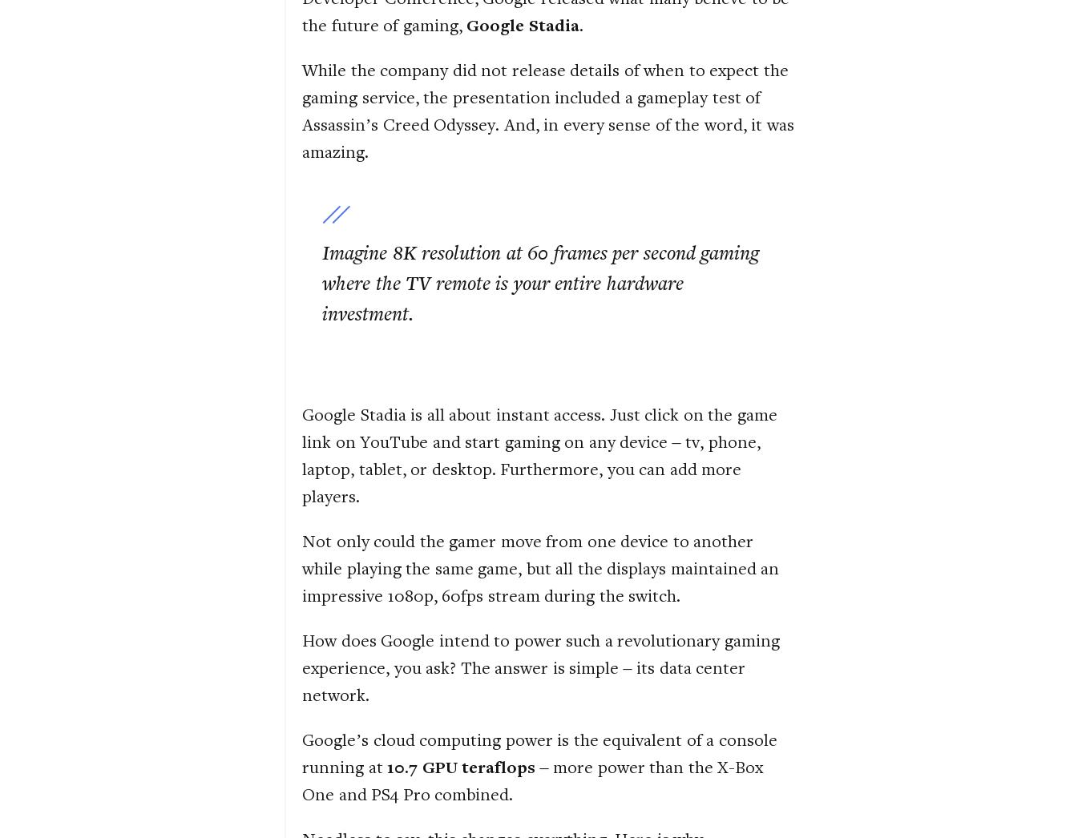 The image size is (1082, 838). Describe the element at coordinates (461, 765) in the screenshot. I see `'10.7 GPU teraflops'` at that location.